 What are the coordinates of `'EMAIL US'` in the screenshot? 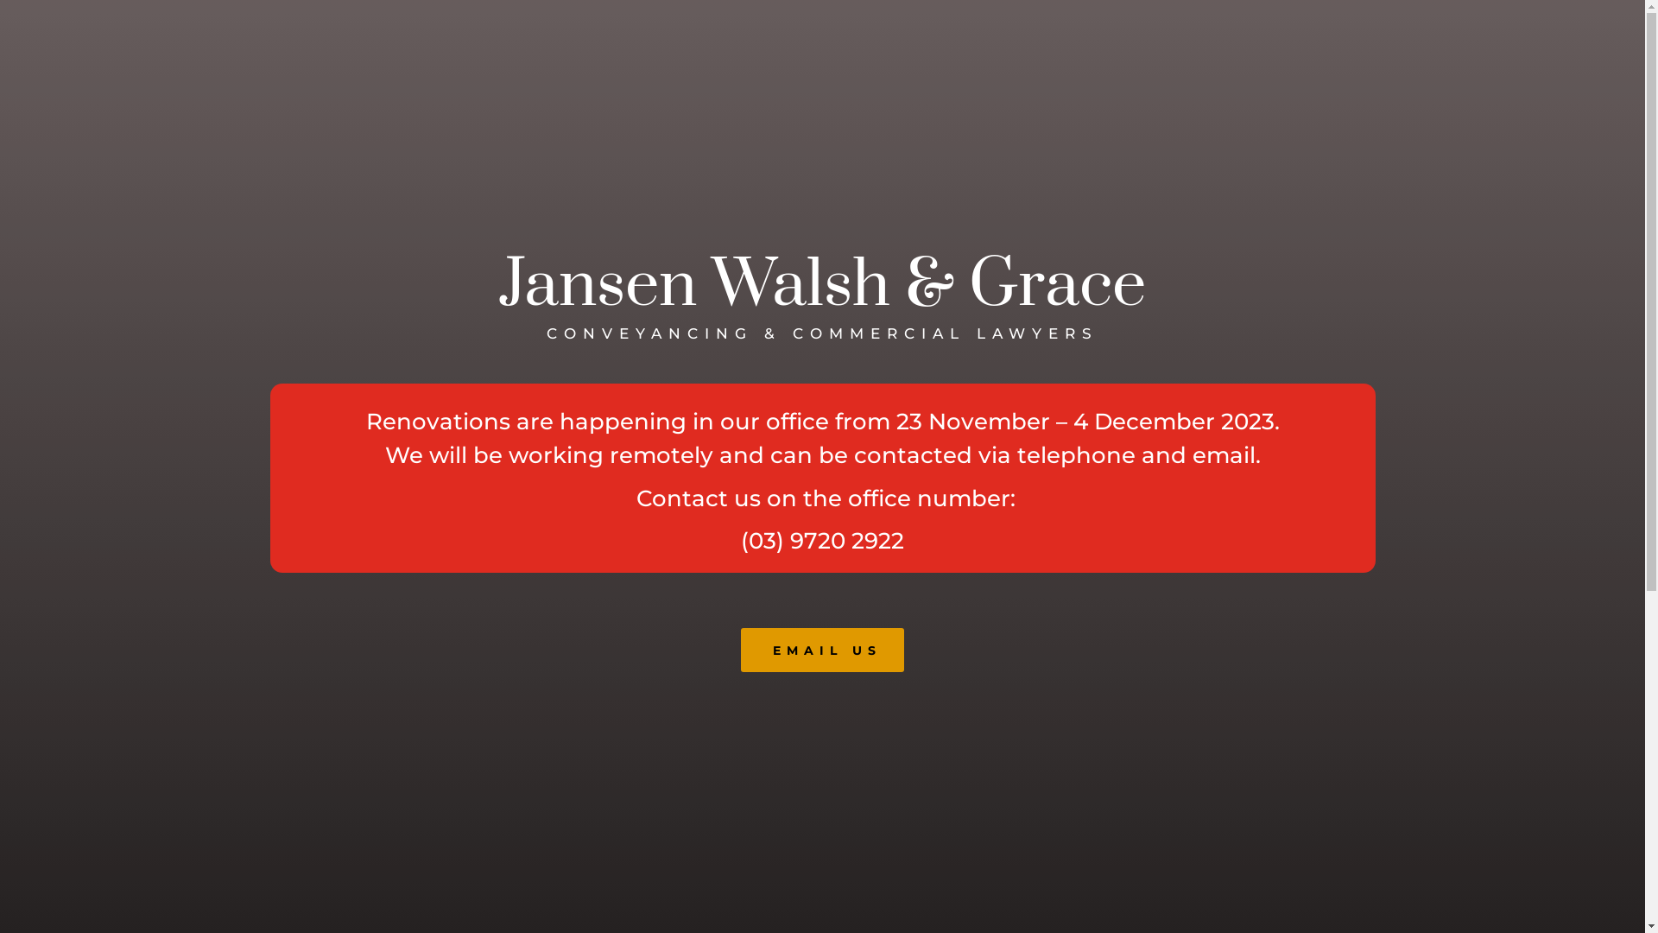 It's located at (821, 650).